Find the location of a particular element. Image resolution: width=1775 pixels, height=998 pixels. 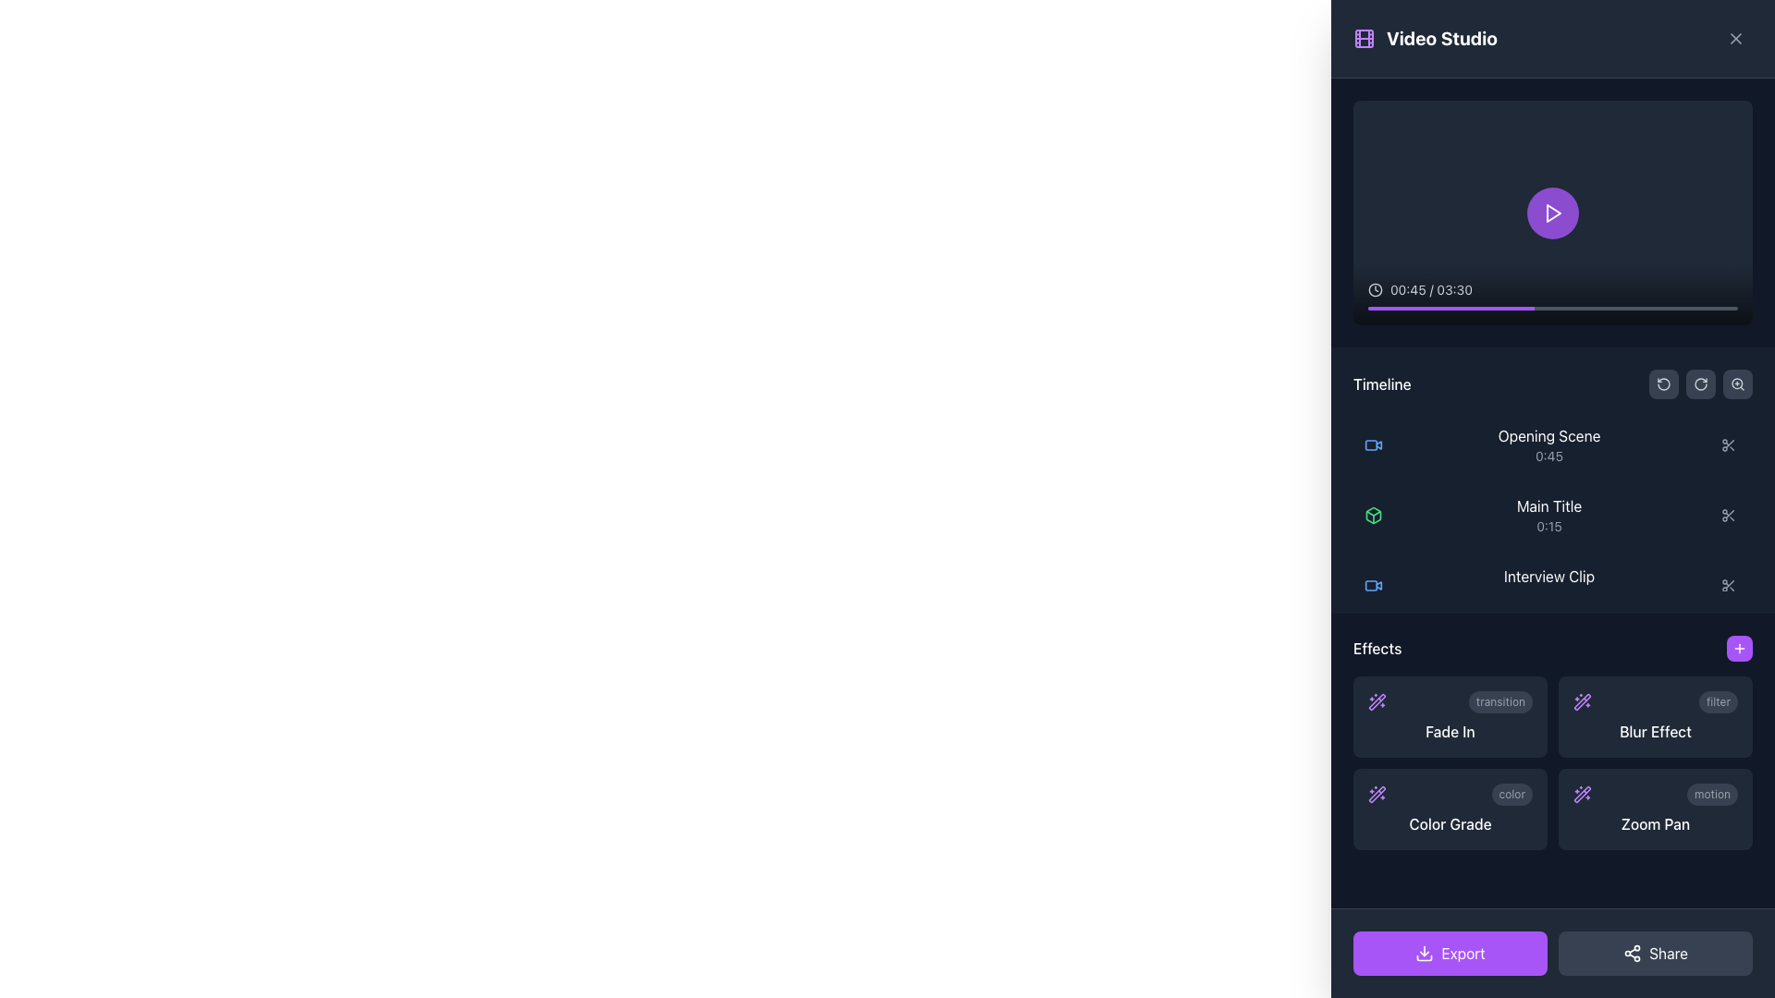

the third button with a dark gray background and a magnifying glass icon is located at coordinates (1737, 383).